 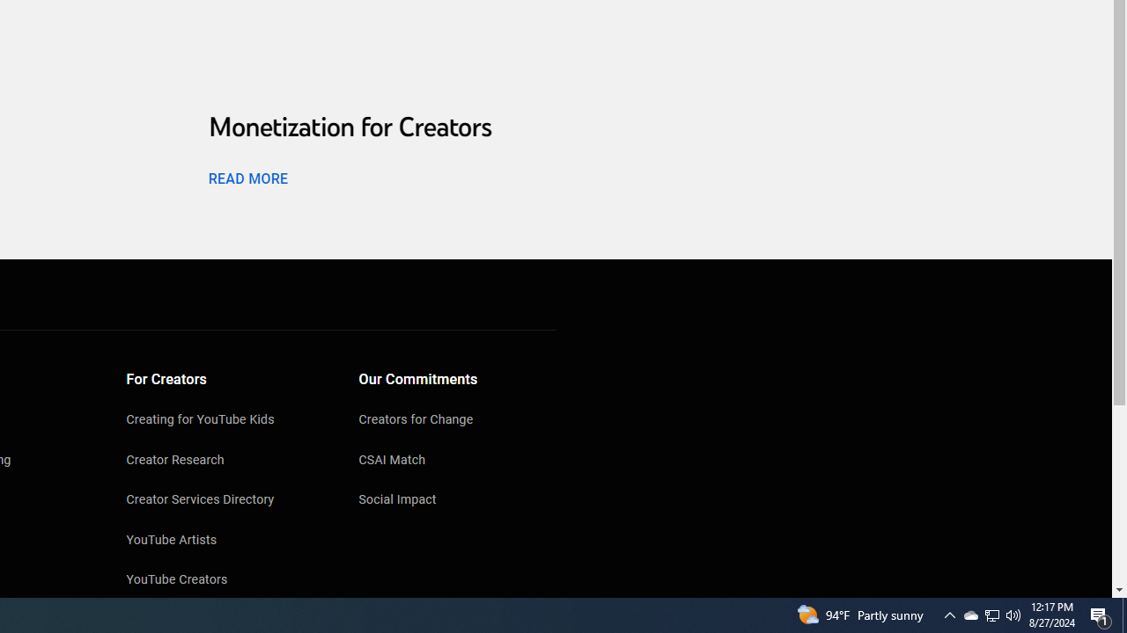 What do you see at coordinates (457, 501) in the screenshot?
I see `'Social Impact'` at bounding box center [457, 501].